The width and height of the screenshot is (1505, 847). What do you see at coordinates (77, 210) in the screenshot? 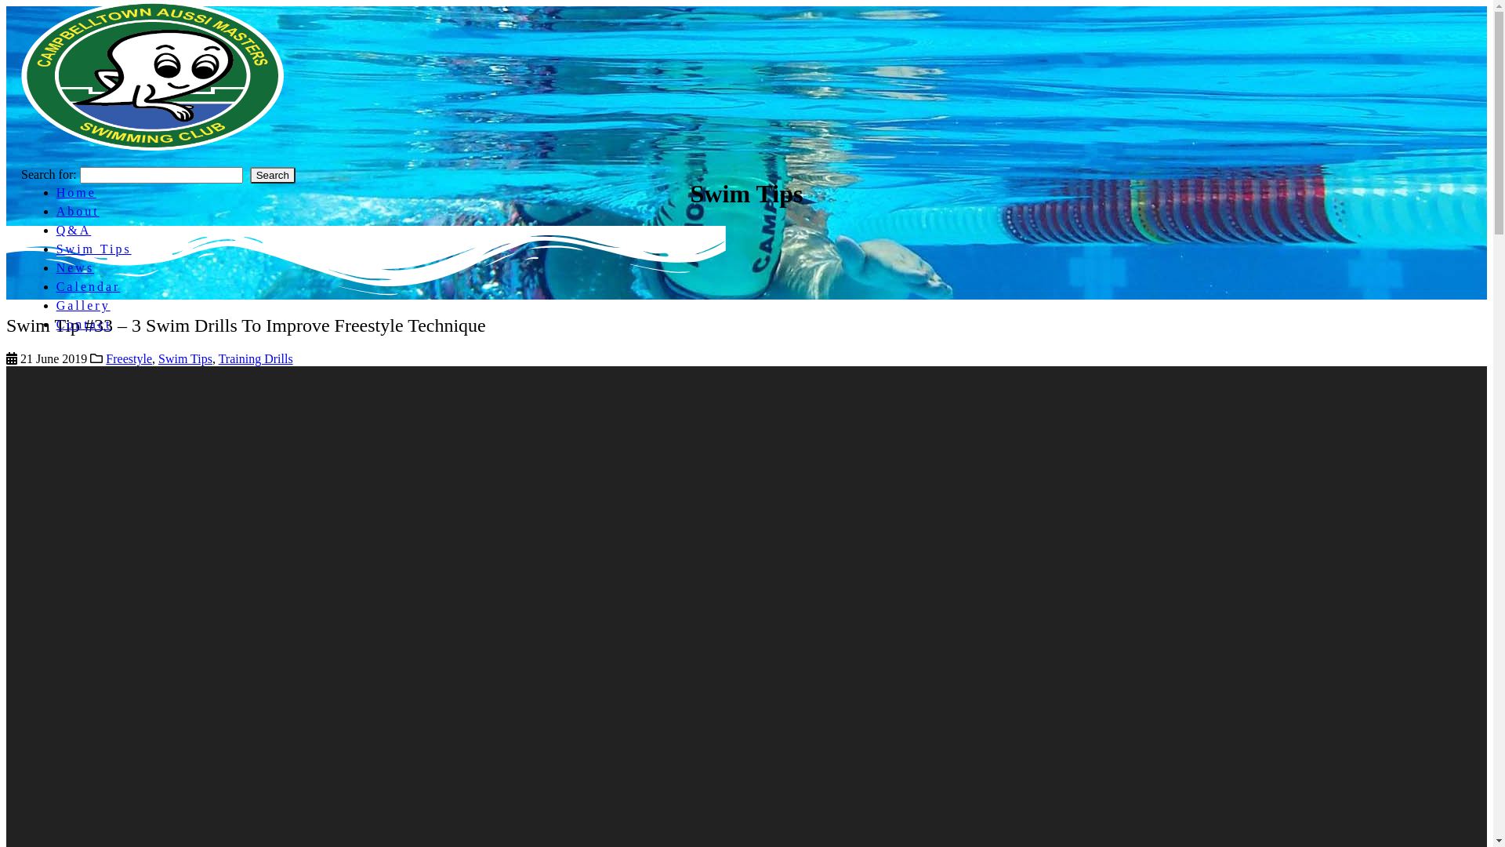
I see `'About'` at bounding box center [77, 210].